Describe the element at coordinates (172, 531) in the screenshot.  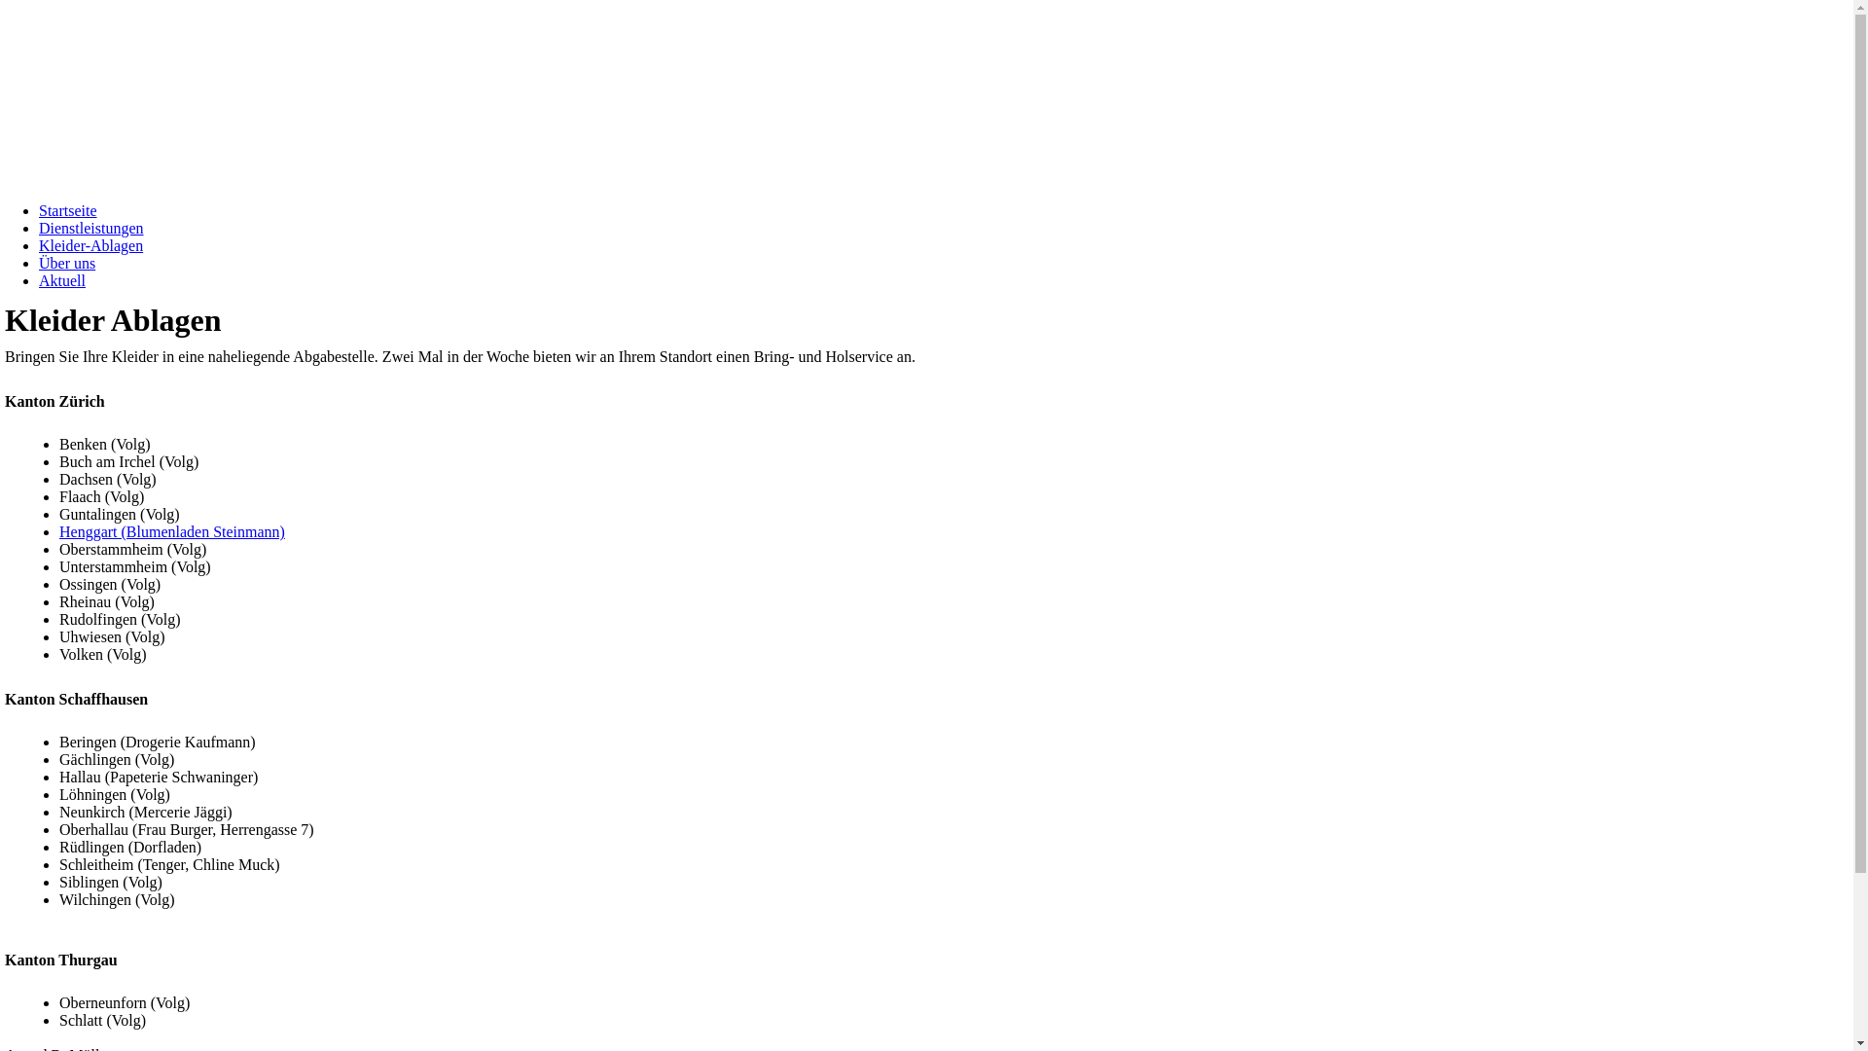
I see `'Henggart (Blumenladen Steinmann)'` at that location.